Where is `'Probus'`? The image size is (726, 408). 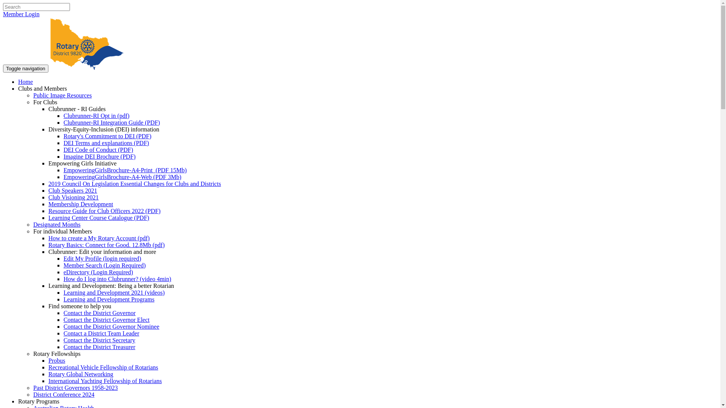
'Probus' is located at coordinates (56, 360).